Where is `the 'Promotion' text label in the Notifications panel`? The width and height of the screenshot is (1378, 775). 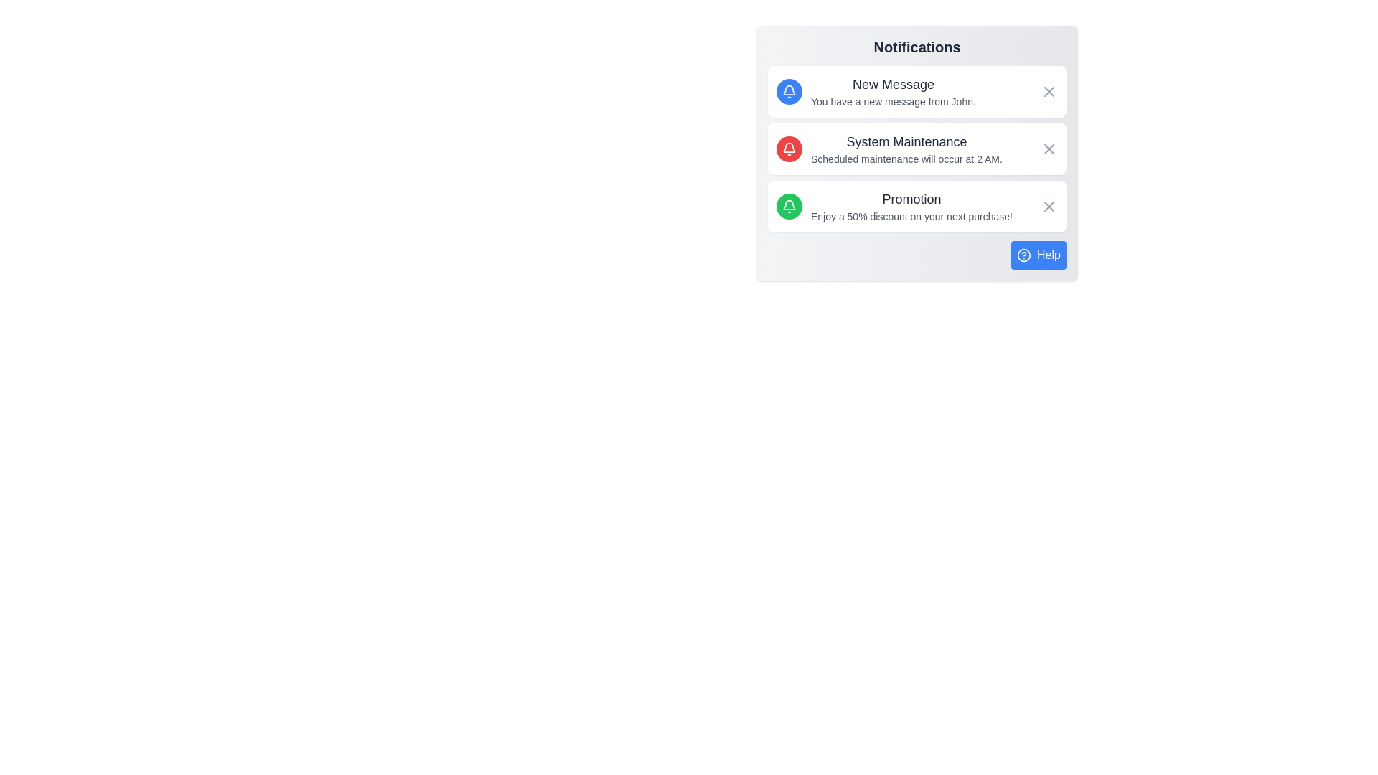 the 'Promotion' text label in the Notifications panel is located at coordinates (911, 199).